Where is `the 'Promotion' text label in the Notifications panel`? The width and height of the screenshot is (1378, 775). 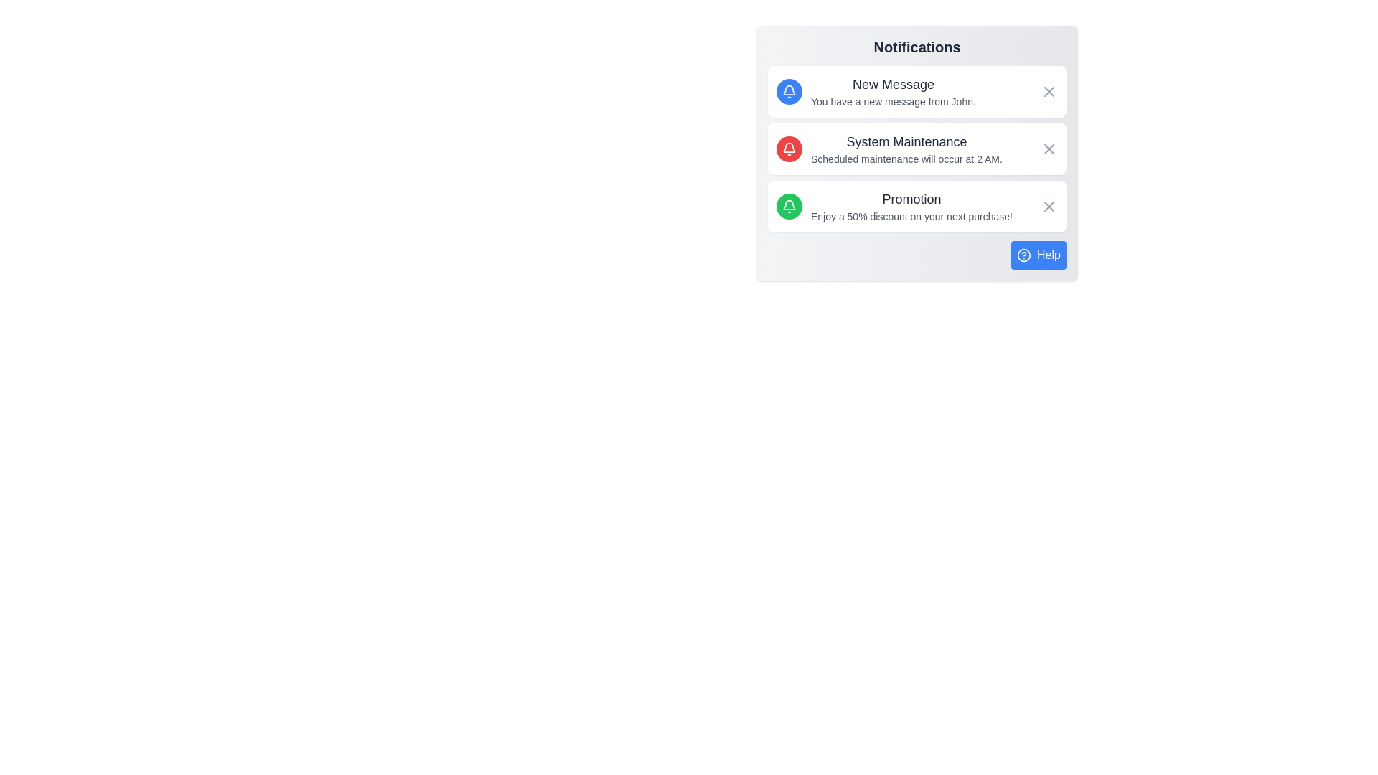 the 'Promotion' text label in the Notifications panel is located at coordinates (911, 199).